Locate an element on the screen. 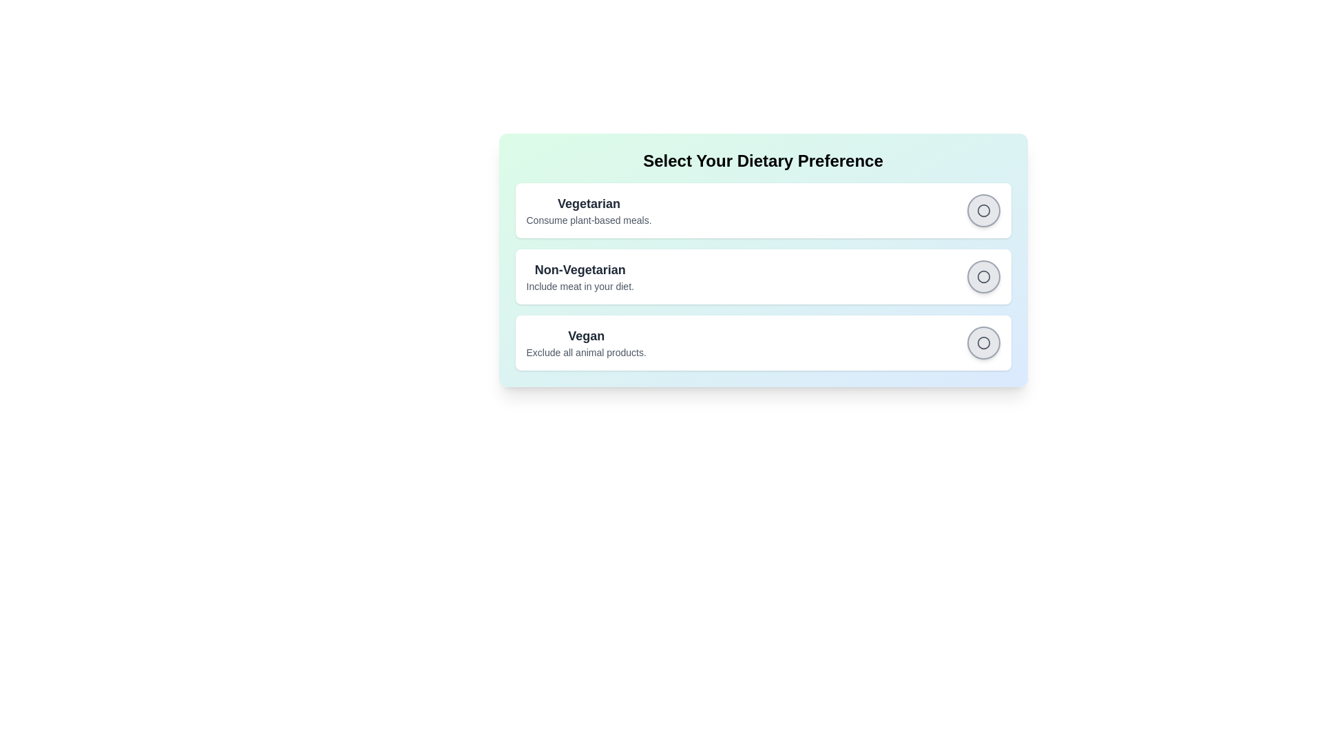 The width and height of the screenshot is (1322, 744). text description for the 'Vegetarian' dietary preference option, which is the first item in the list of options and is located at the uppermost position within its group of related elements is located at coordinates (589, 210).